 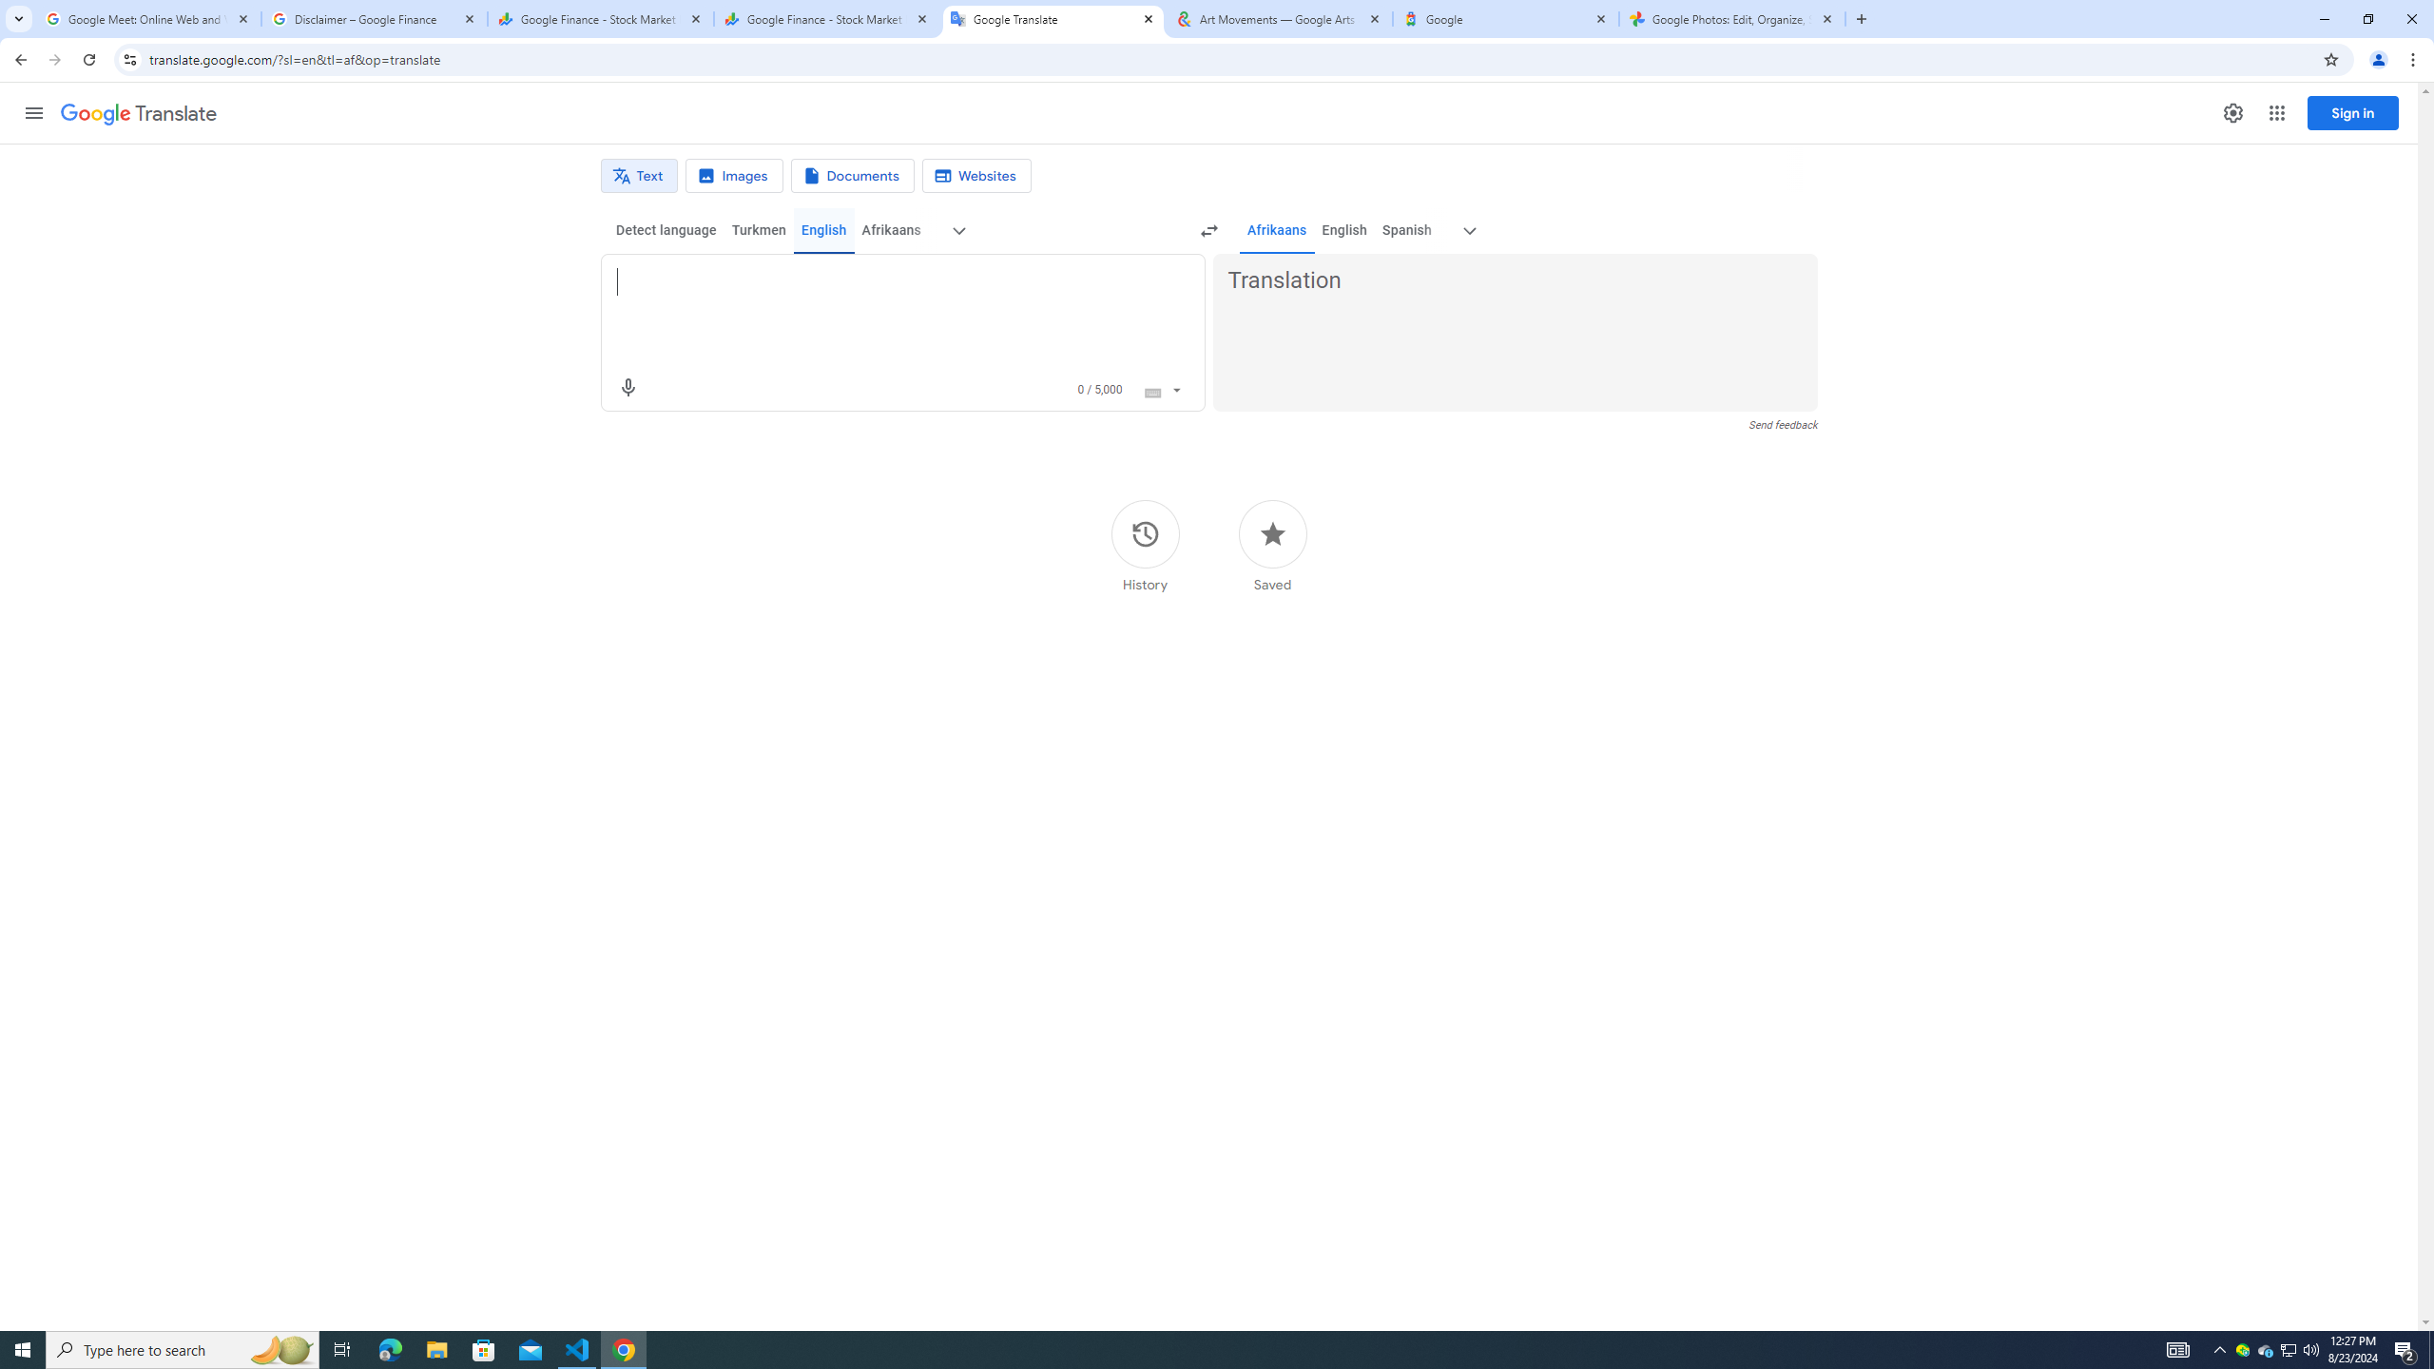 I want to click on 'Turkmen', so click(x=757, y=229).